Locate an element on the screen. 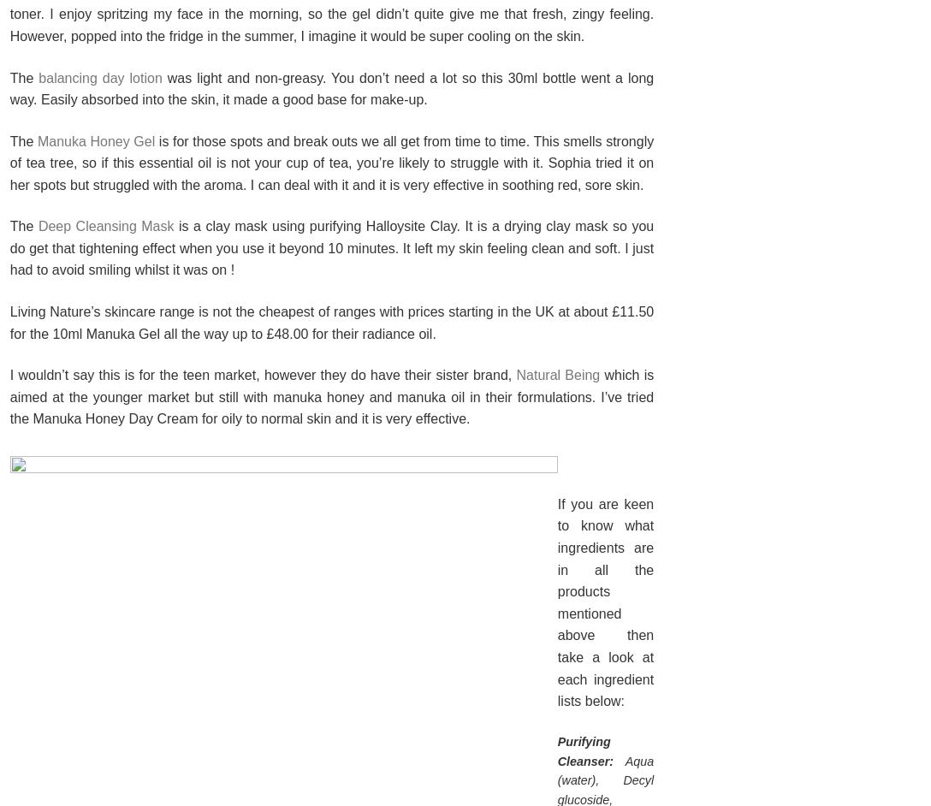 Image resolution: width=931 pixels, height=806 pixels. 'balancing day lotion' is located at coordinates (99, 76).